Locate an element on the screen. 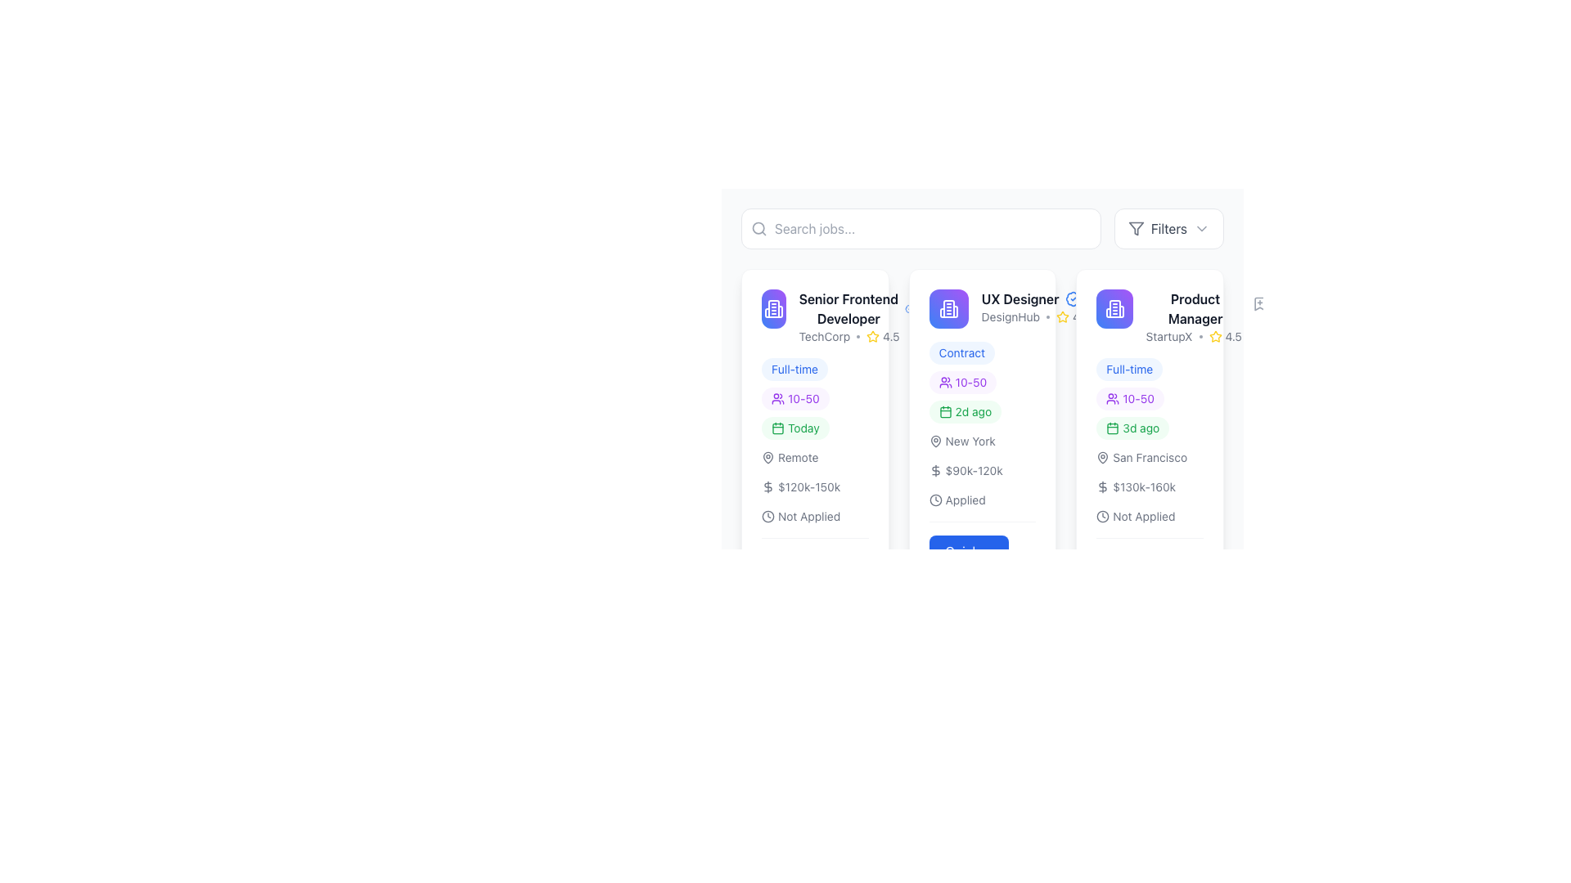 This screenshot has width=1571, height=883. the team icon that visually represents a group or team, located in the second card of job postings, adjacent to the '10-50' text in a purple shaded area is located at coordinates (776, 399).